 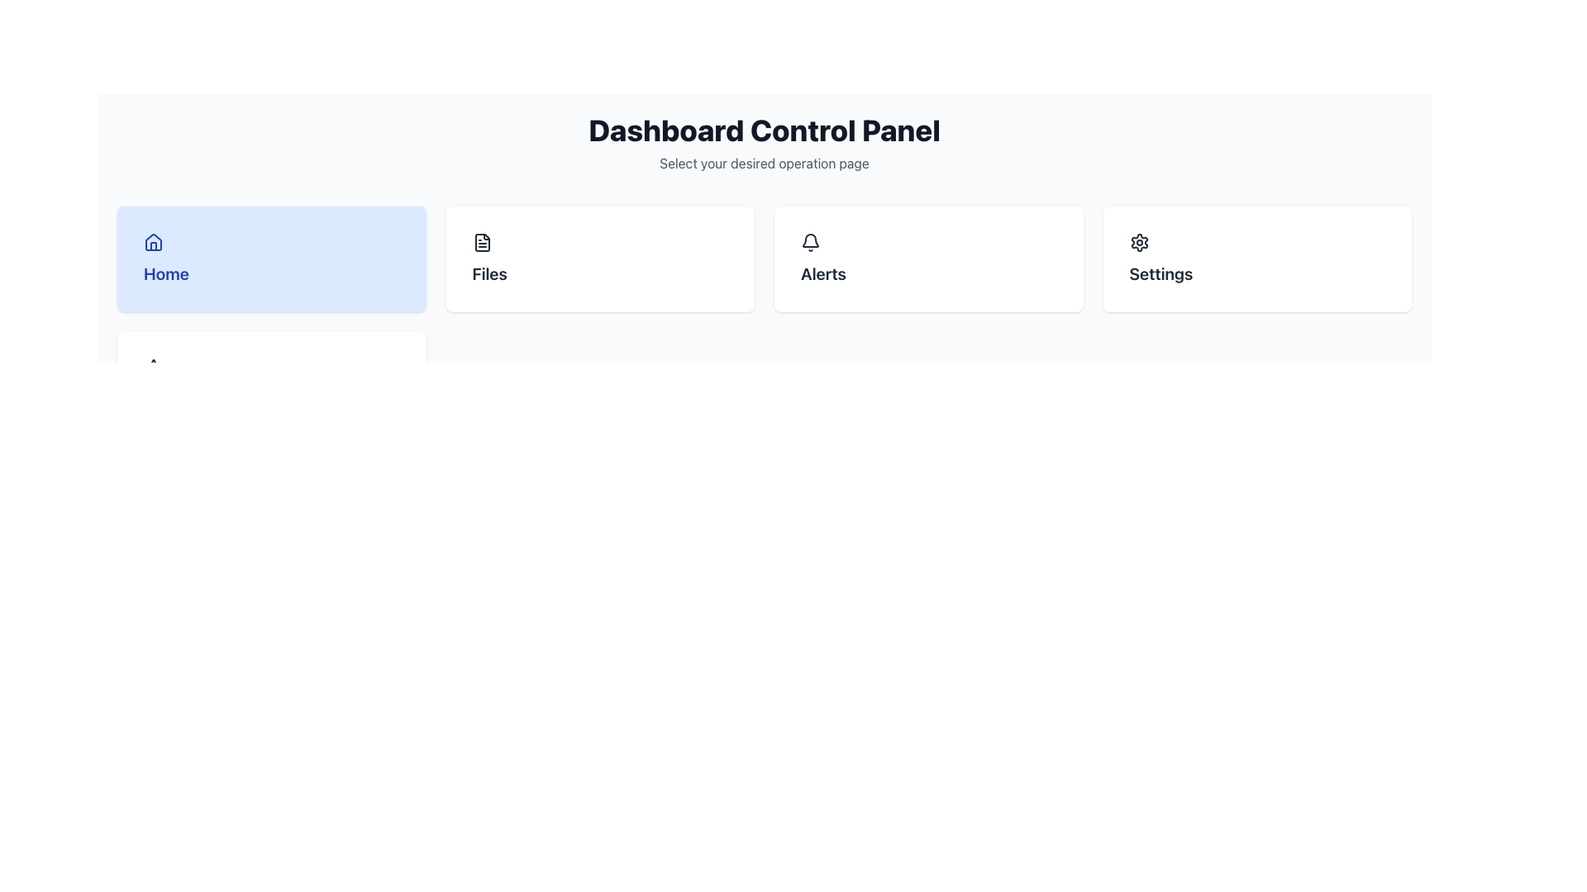 What do you see at coordinates (1256, 259) in the screenshot?
I see `the 'Settings' button located in the top-right corner of the grid layout` at bounding box center [1256, 259].